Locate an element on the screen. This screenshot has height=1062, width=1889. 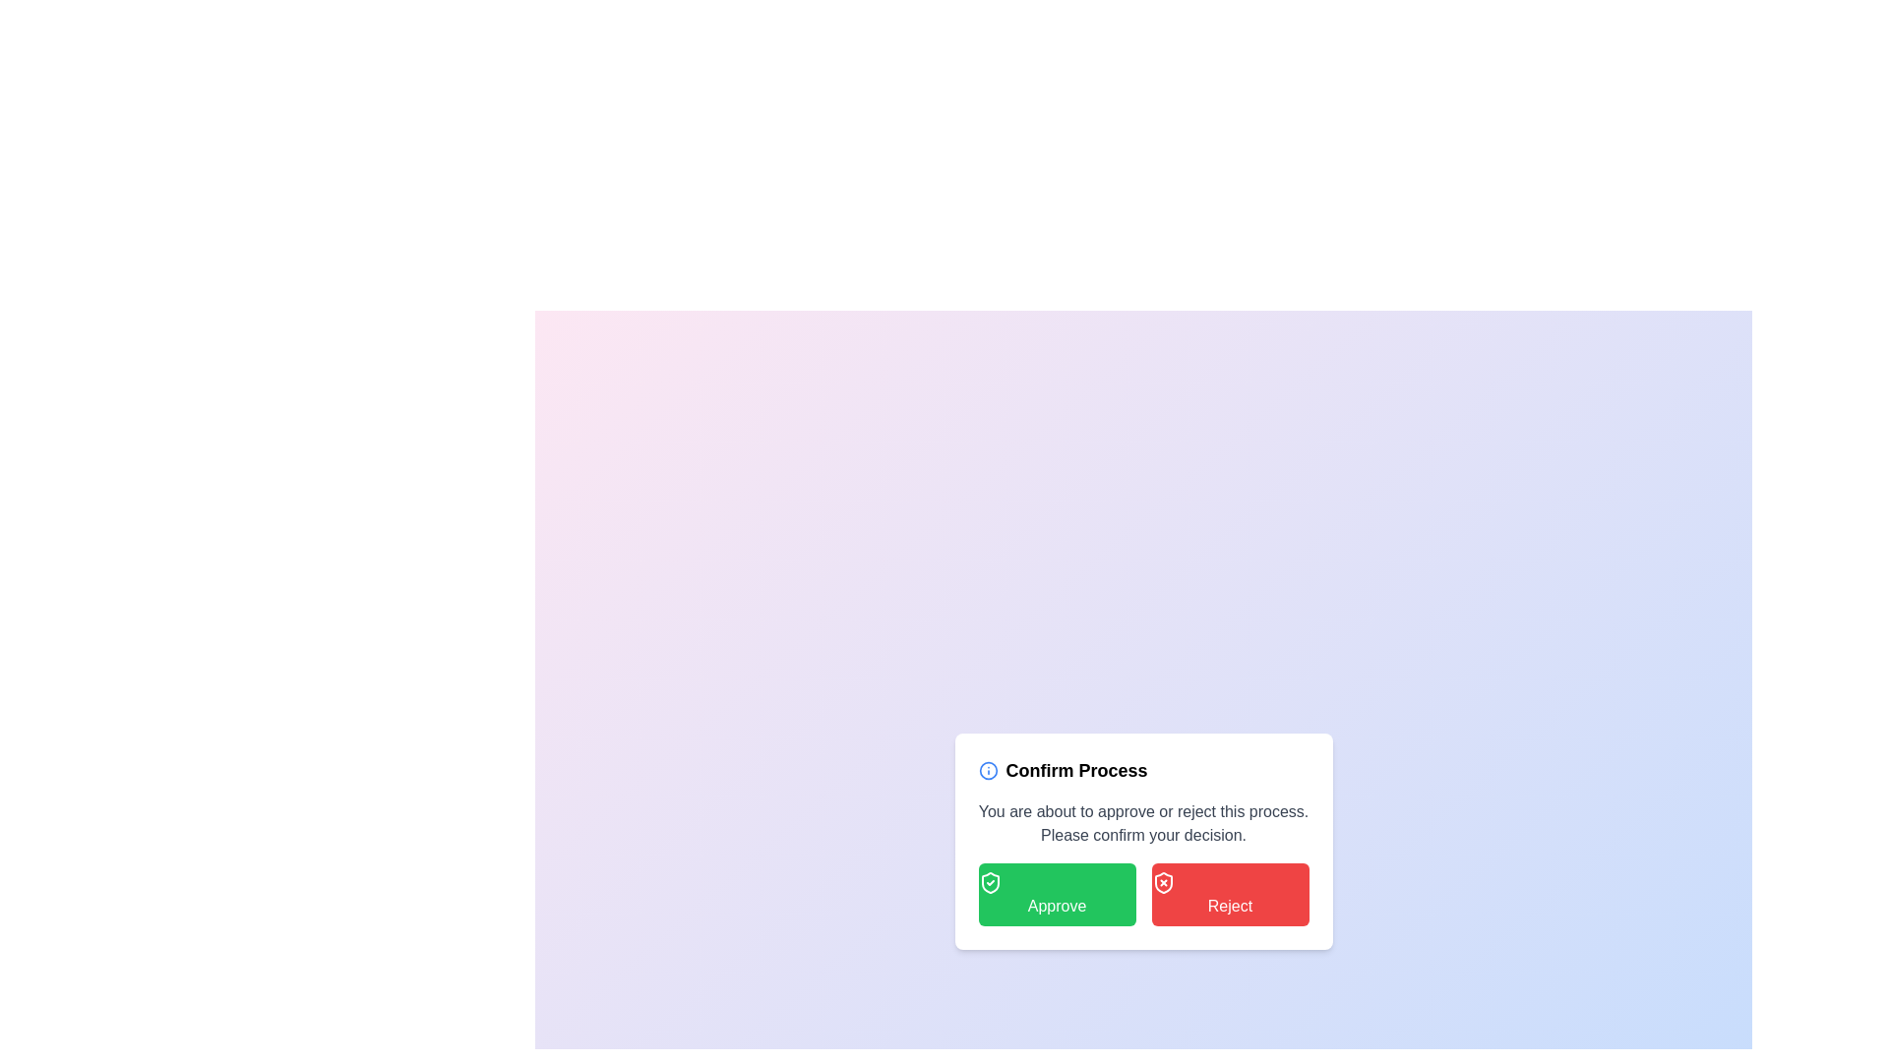
the 'Reject' icon located to the right of the 'Approve' button in the prompt confirmation window is located at coordinates (1163, 882).